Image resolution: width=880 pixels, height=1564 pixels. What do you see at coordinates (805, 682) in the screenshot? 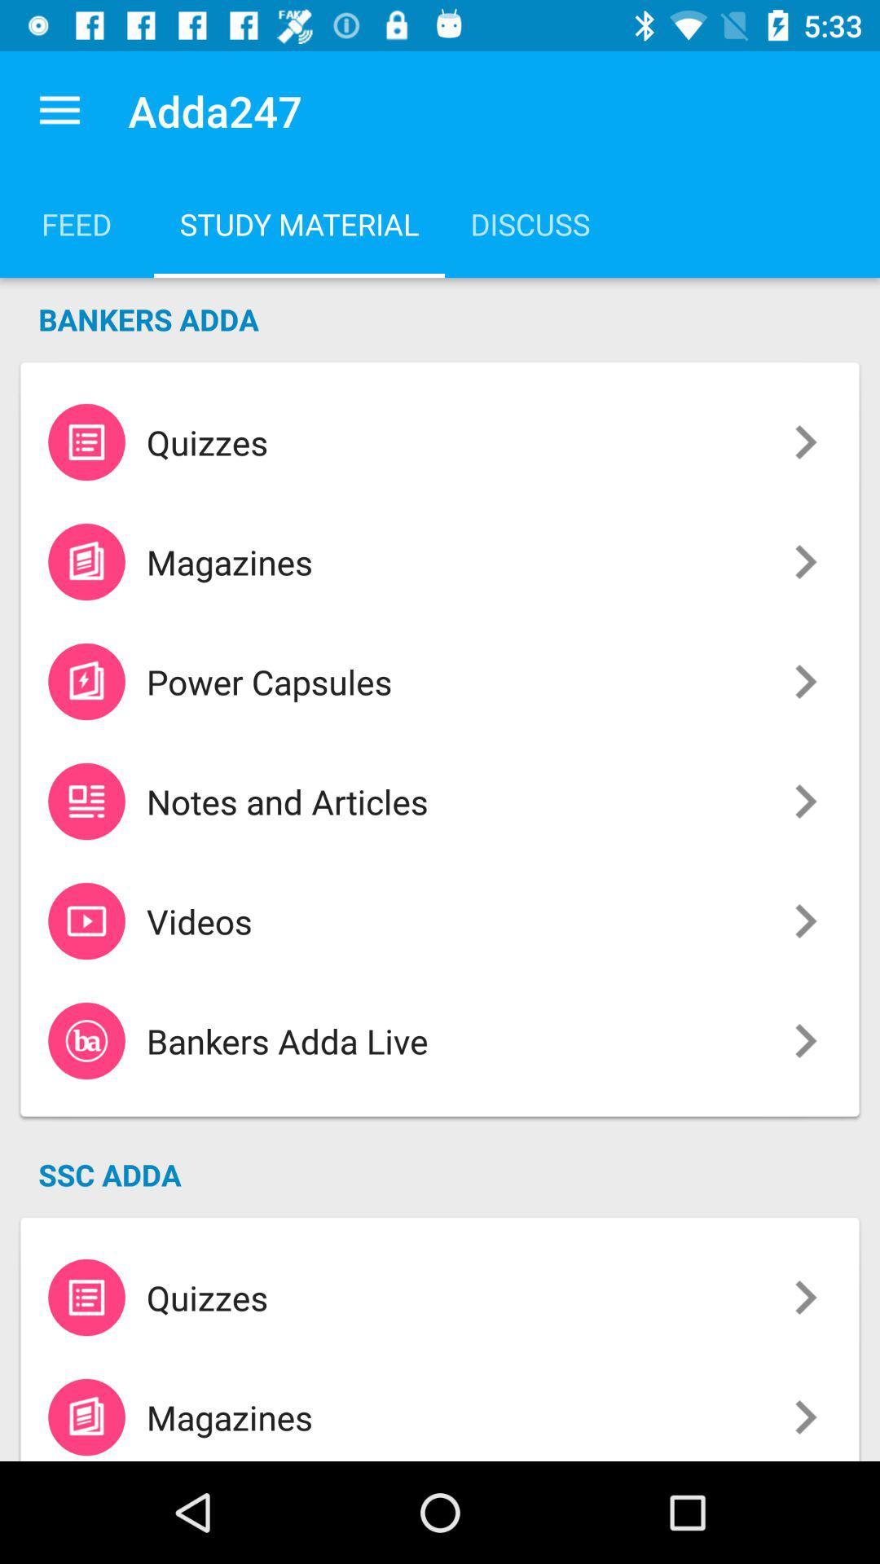
I see `the right scroll in the 3rd option` at bounding box center [805, 682].